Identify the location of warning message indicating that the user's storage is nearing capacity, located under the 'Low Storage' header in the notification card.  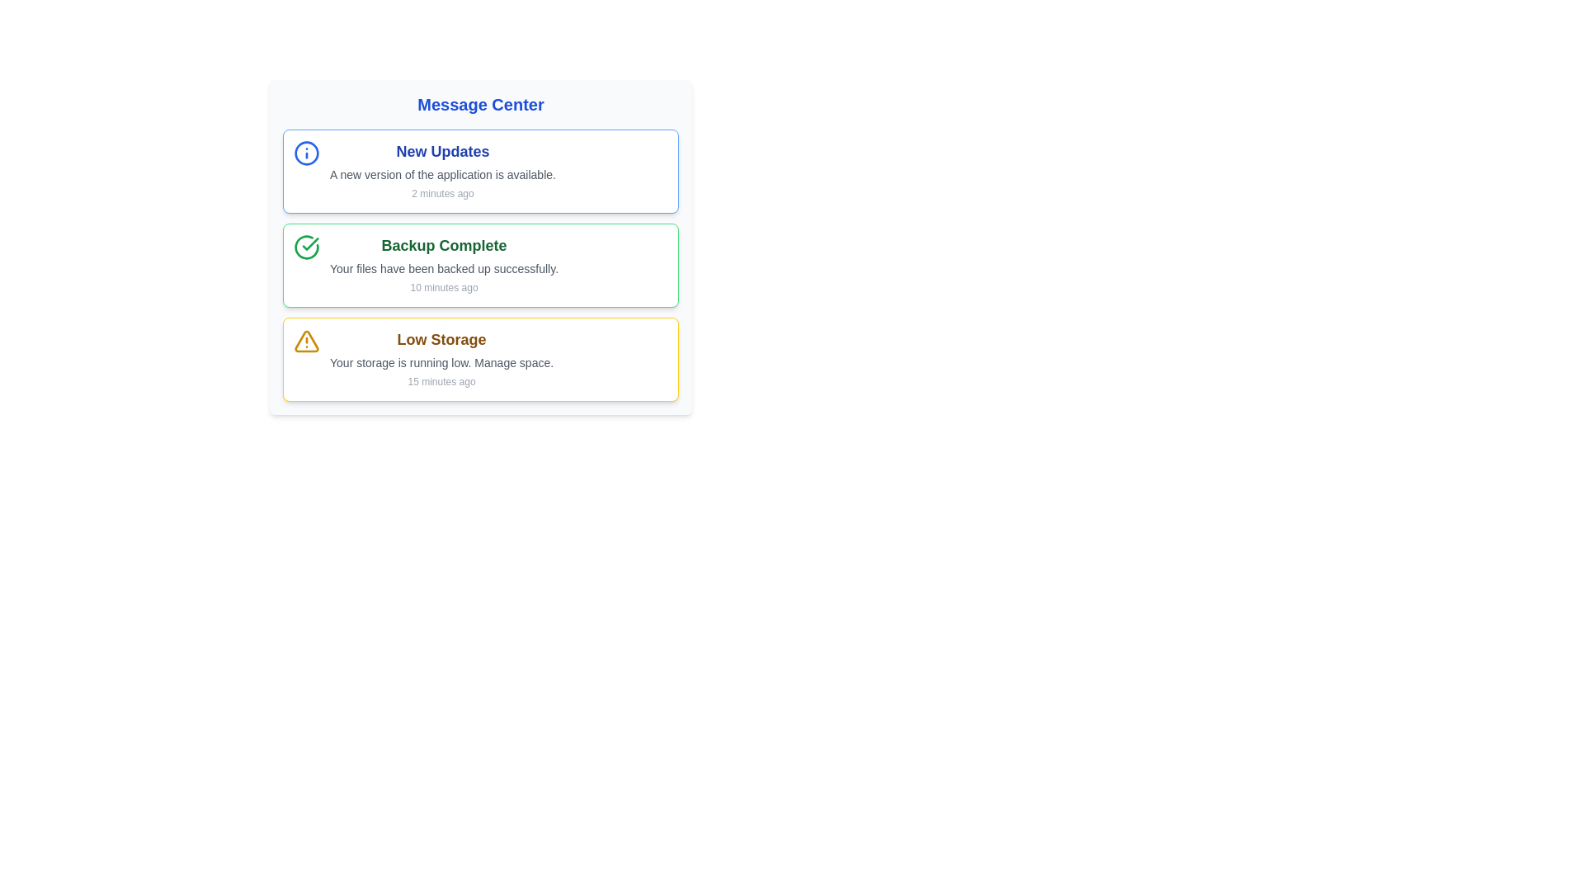
(441, 361).